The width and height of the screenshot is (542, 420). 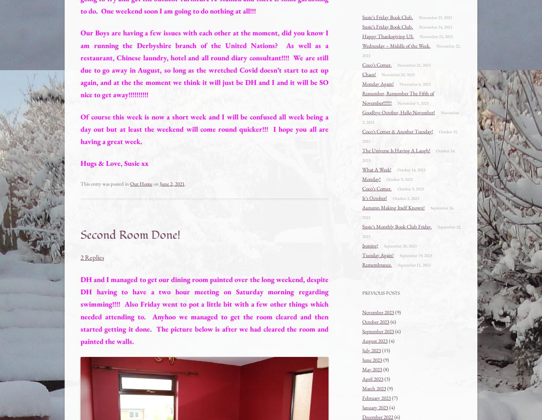 I want to click on 'Monday Again!', so click(x=378, y=83).